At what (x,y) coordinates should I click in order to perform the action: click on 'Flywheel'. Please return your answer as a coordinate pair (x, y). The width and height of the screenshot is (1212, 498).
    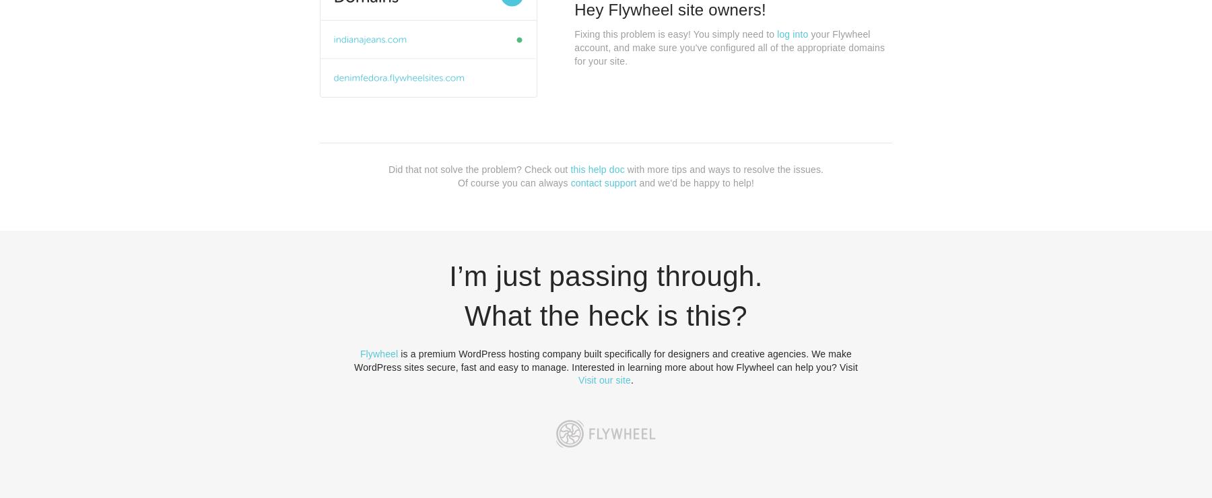
    Looking at the image, I should click on (359, 353).